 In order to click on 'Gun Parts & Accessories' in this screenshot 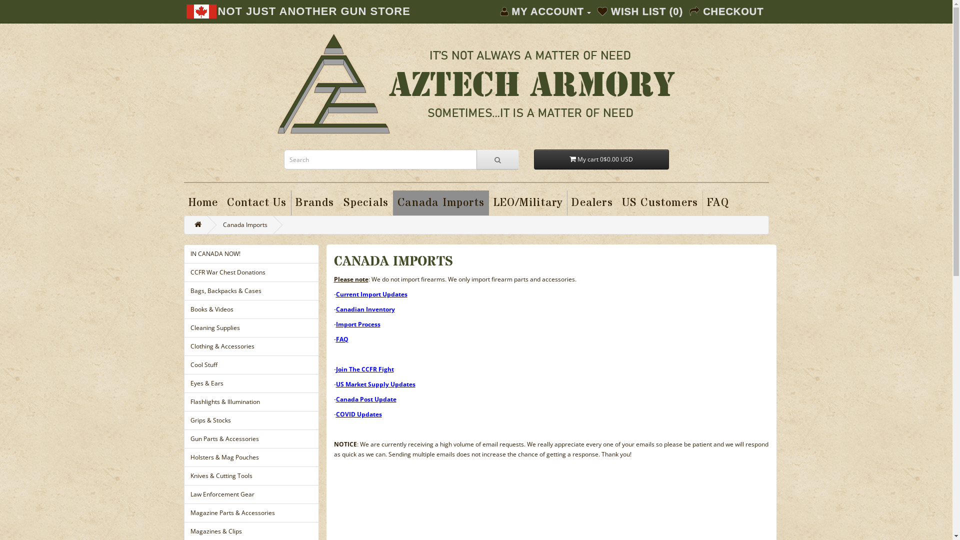, I will do `click(251, 438)`.